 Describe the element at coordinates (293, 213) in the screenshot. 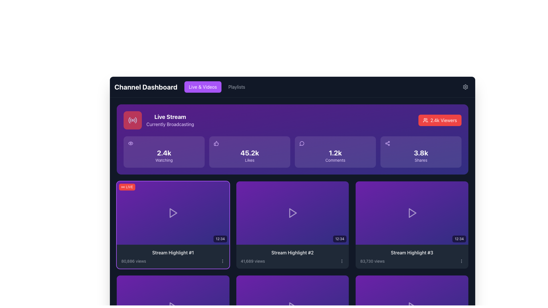

I see `the video icon located in the center of the card titled 'Stream Highlight #2', which serves as a visual cue for playback of the associated stream` at that location.